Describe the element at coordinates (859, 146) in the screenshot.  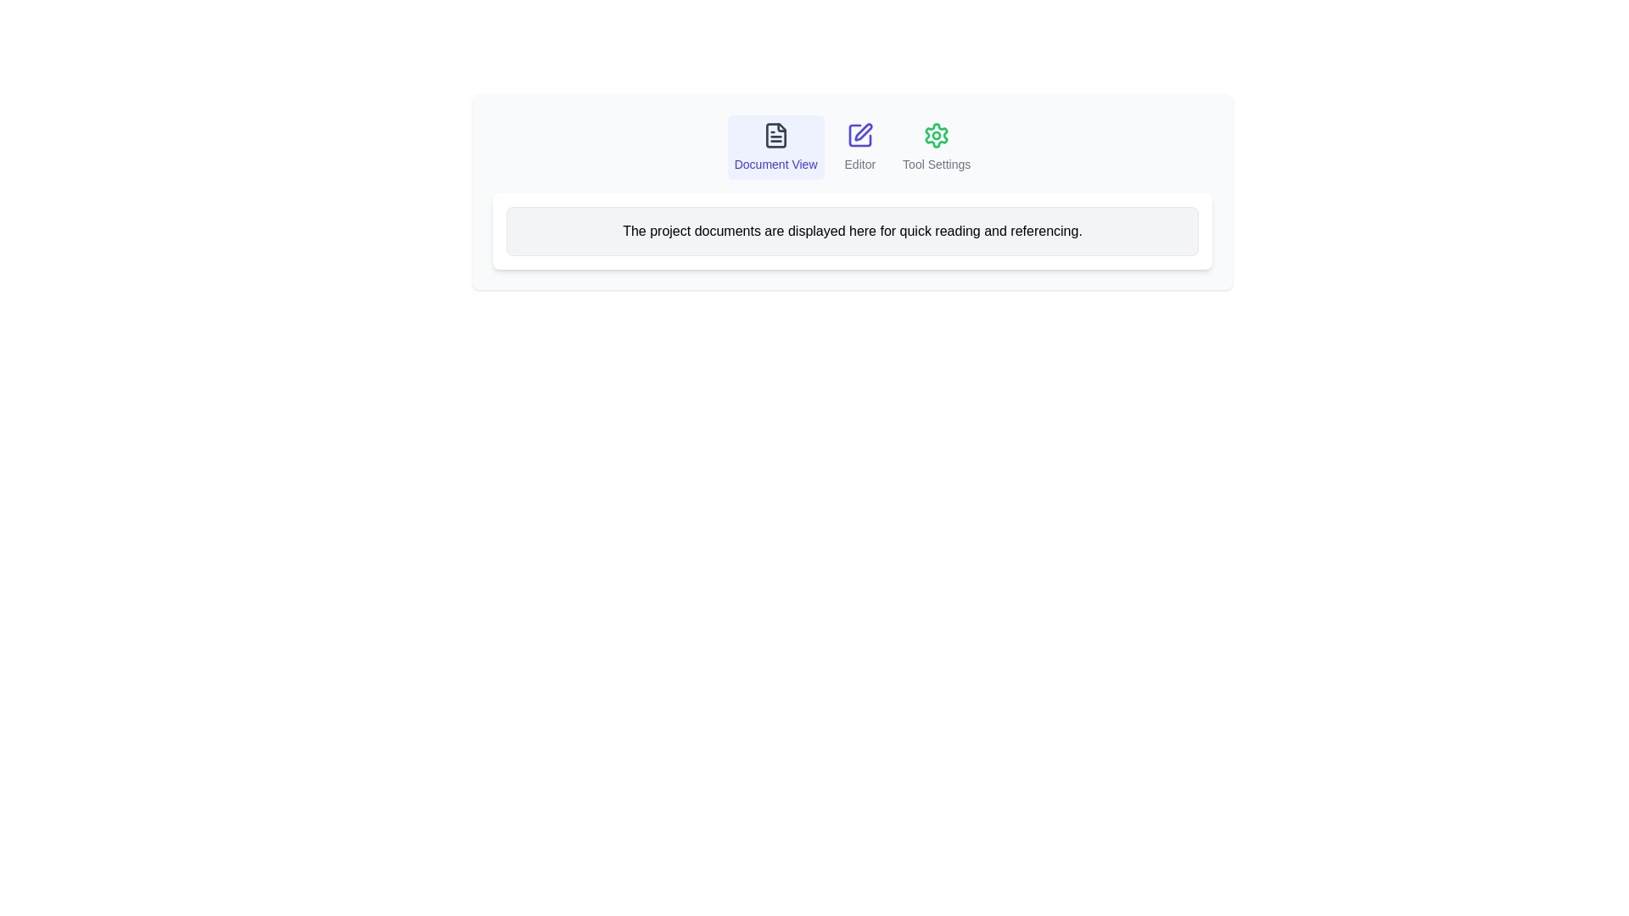
I see `the tab labeled Editor` at that location.